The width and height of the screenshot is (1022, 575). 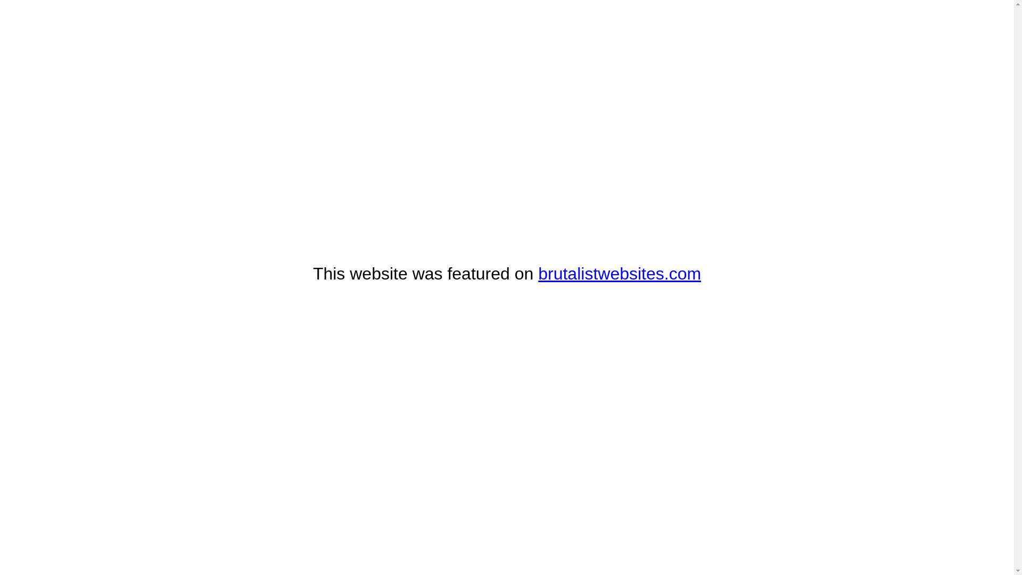 What do you see at coordinates (619, 273) in the screenshot?
I see `'brutalistwebsites.com'` at bounding box center [619, 273].